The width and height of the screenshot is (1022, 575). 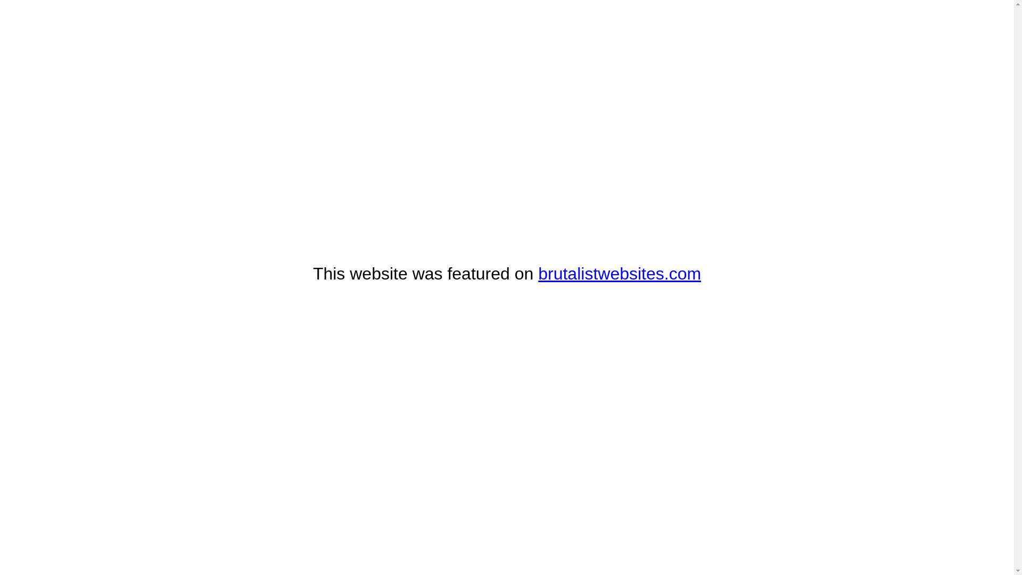 What do you see at coordinates (619, 273) in the screenshot?
I see `'brutalistwebsites.com'` at bounding box center [619, 273].